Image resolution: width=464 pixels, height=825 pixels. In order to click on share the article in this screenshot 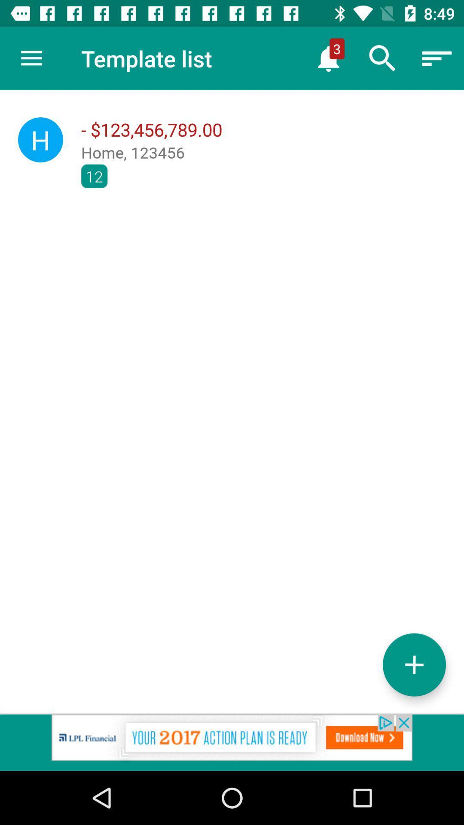, I will do `click(232, 742)`.